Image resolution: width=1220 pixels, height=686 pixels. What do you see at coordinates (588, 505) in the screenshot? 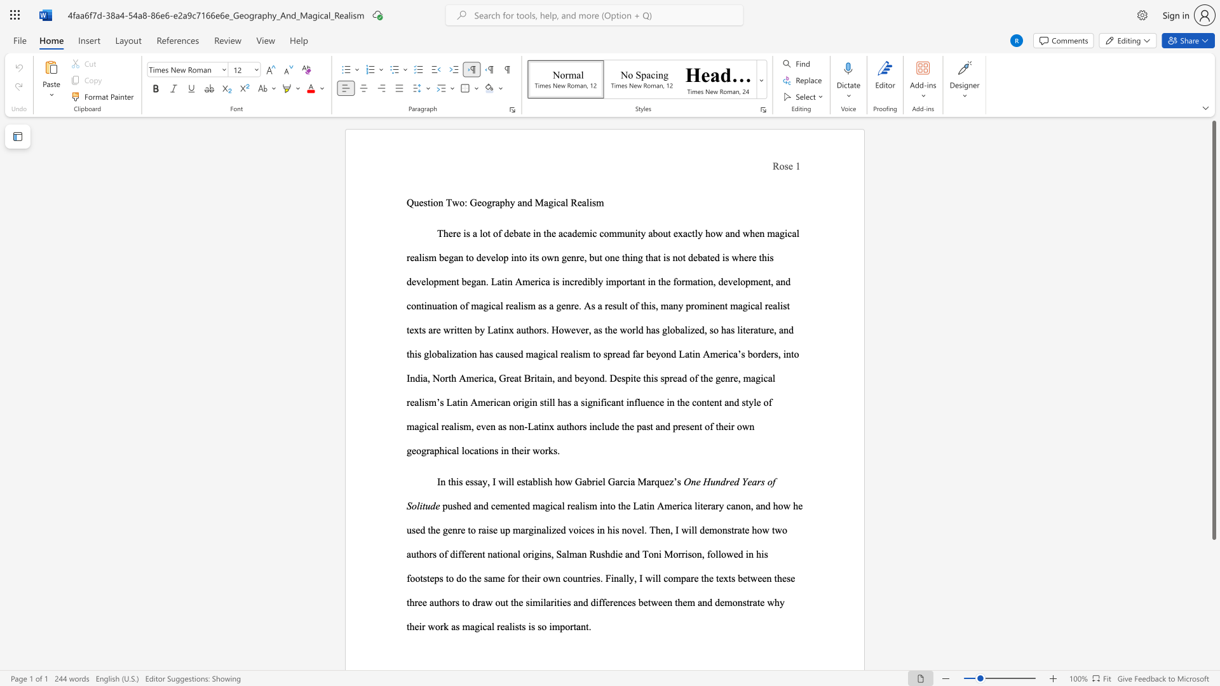
I see `the subset text "m into the L" within the text "pushed and cemented magical realism into the Latin America literary canon, and how he used the genre to raise up marginalized voices in his novel. Then, I will"` at bounding box center [588, 505].